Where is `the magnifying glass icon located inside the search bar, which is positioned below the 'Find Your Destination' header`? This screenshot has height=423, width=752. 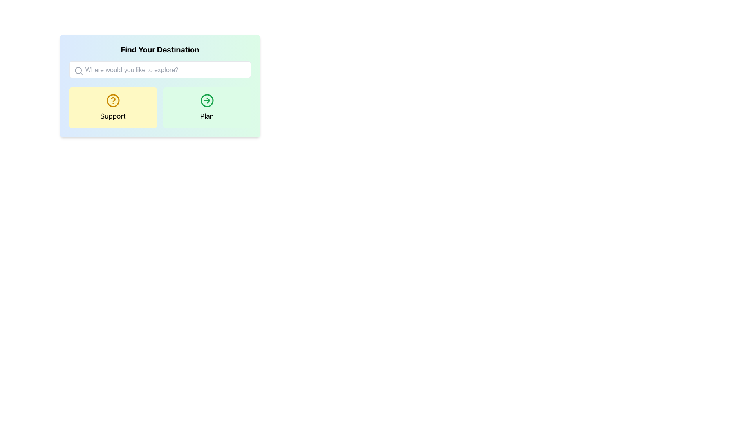 the magnifying glass icon located inside the search bar, which is positioned below the 'Find Your Destination' header is located at coordinates (78, 71).